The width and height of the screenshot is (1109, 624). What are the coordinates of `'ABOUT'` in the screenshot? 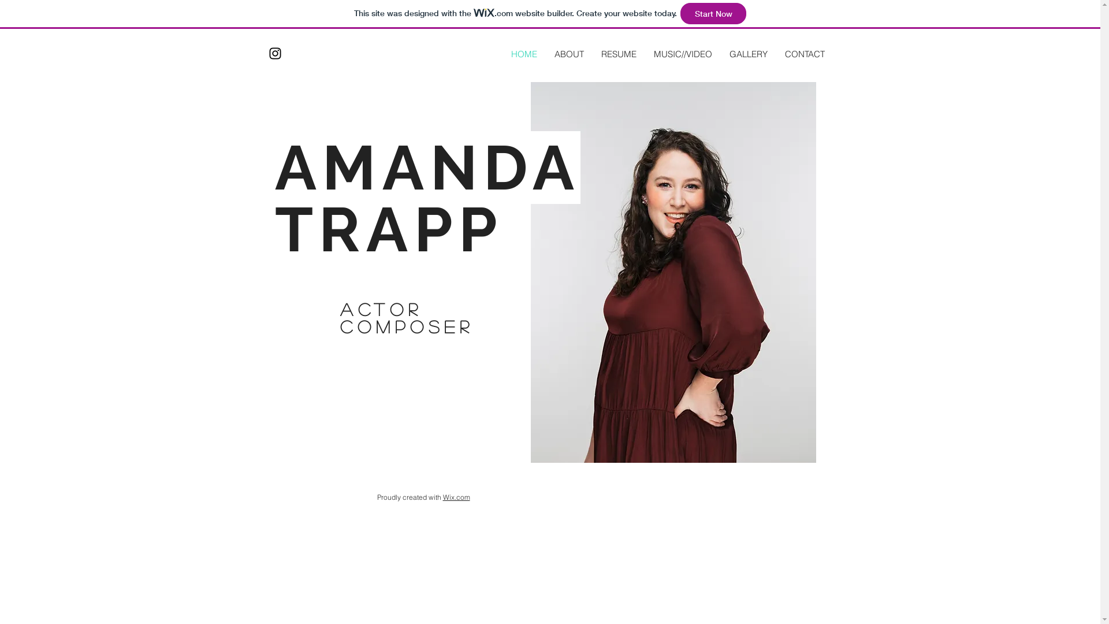 It's located at (568, 54).